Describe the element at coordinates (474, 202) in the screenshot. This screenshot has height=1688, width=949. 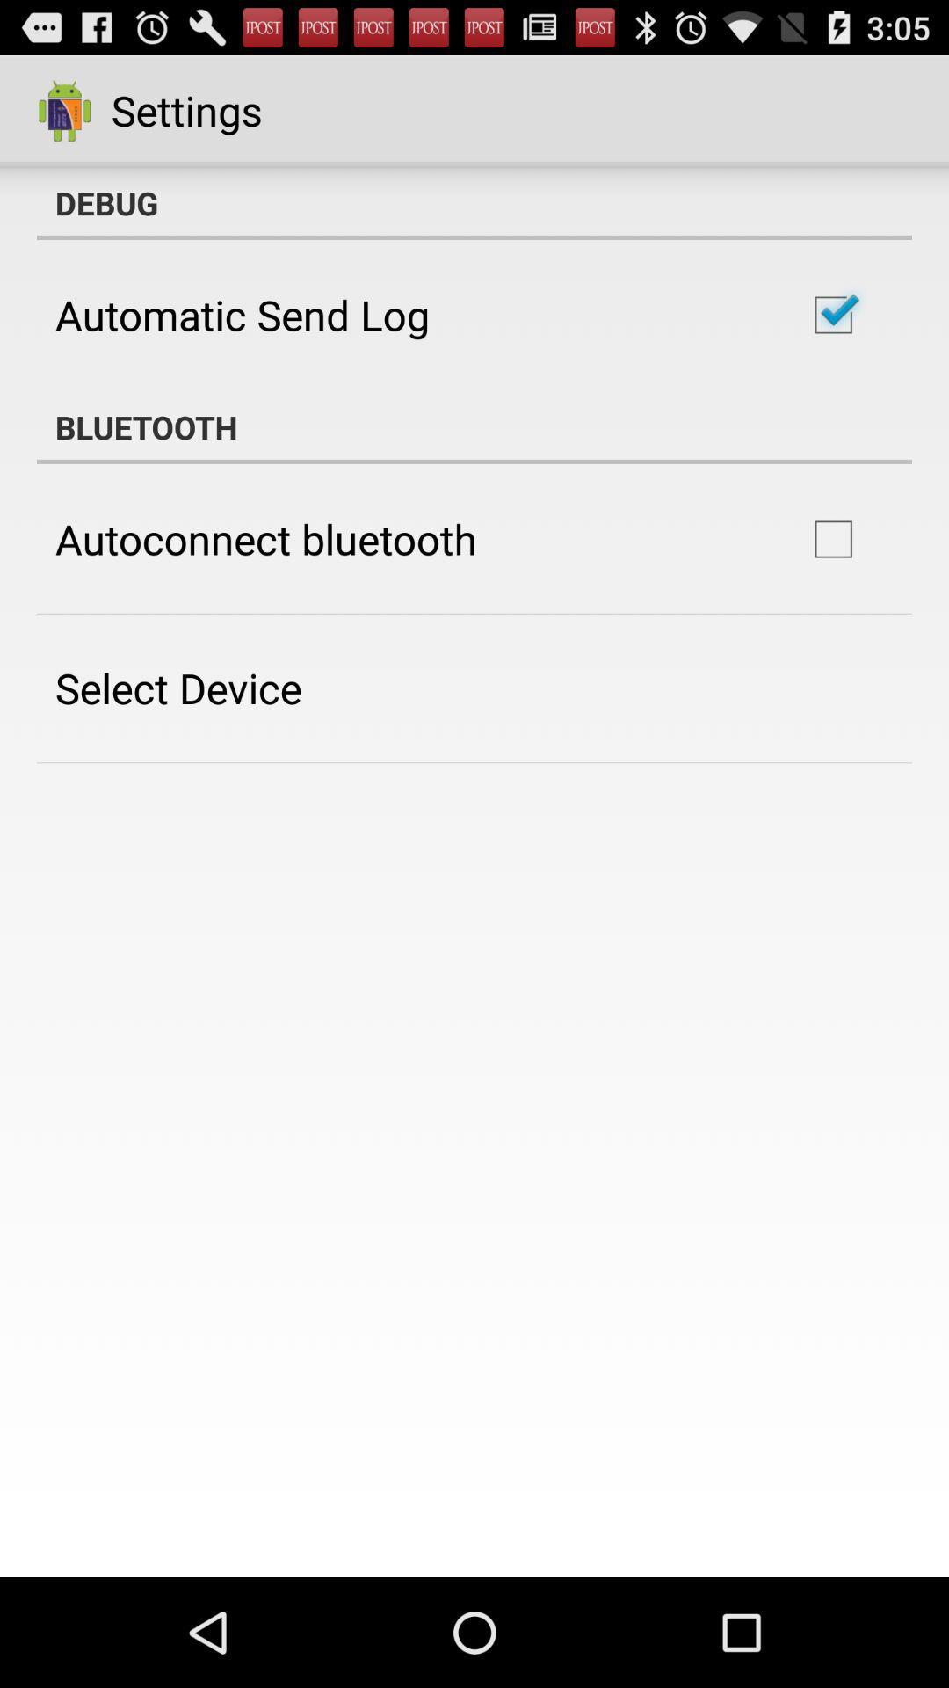
I see `debug item` at that location.